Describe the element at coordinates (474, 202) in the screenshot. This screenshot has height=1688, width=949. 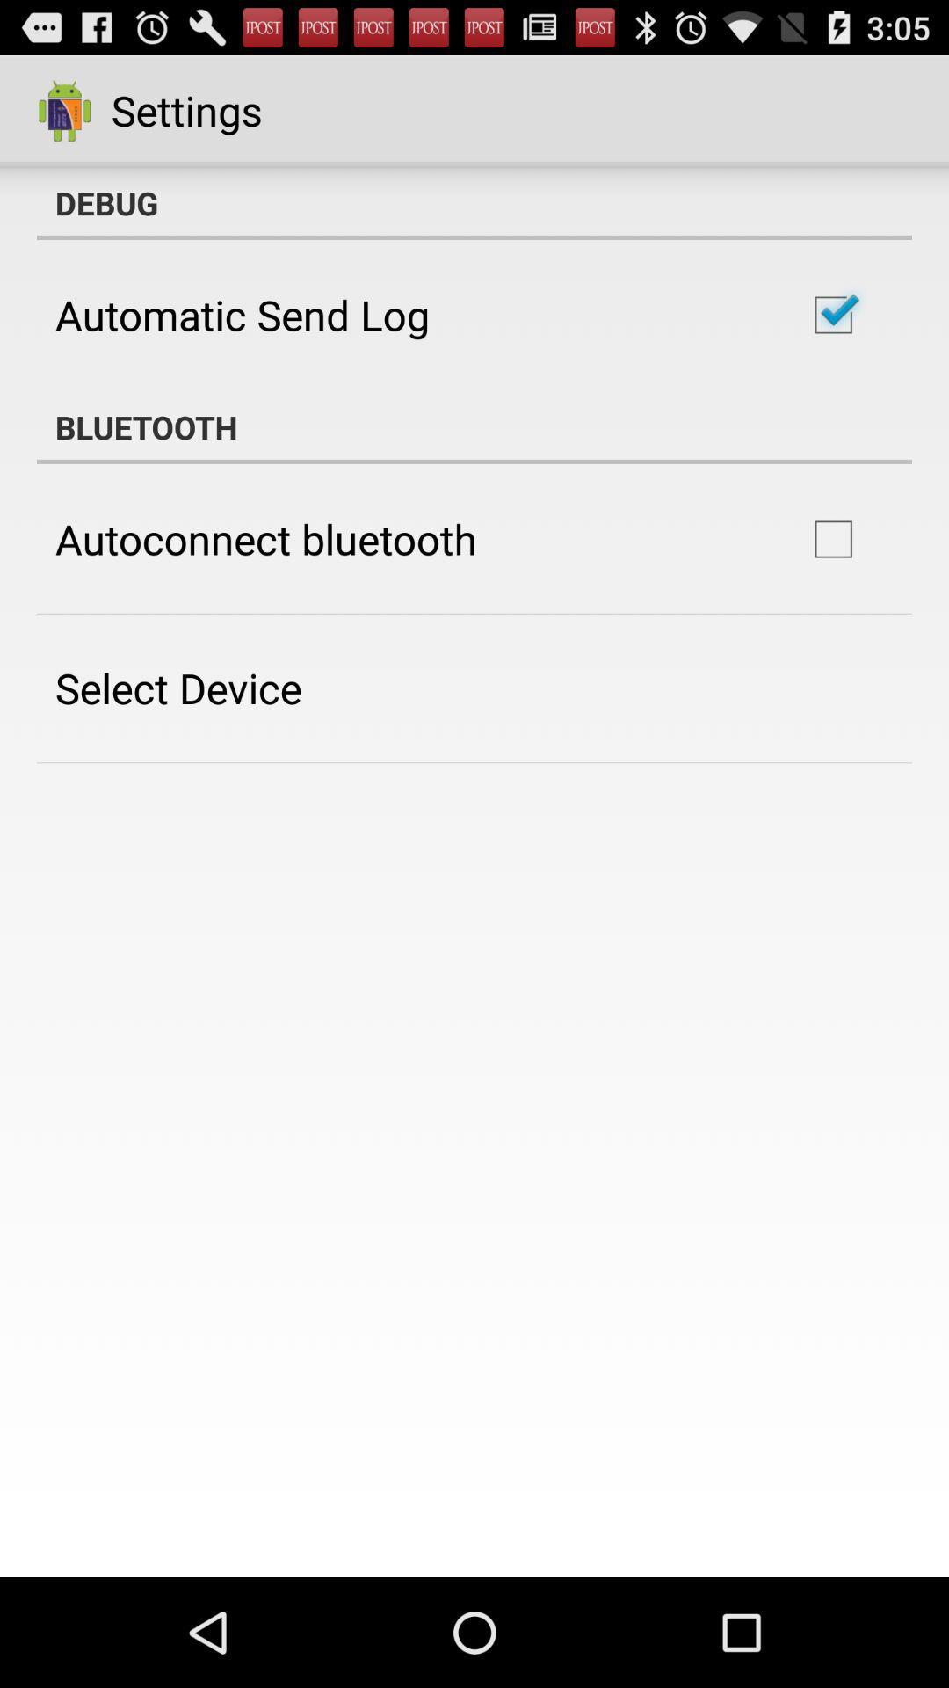
I see `debug item` at that location.